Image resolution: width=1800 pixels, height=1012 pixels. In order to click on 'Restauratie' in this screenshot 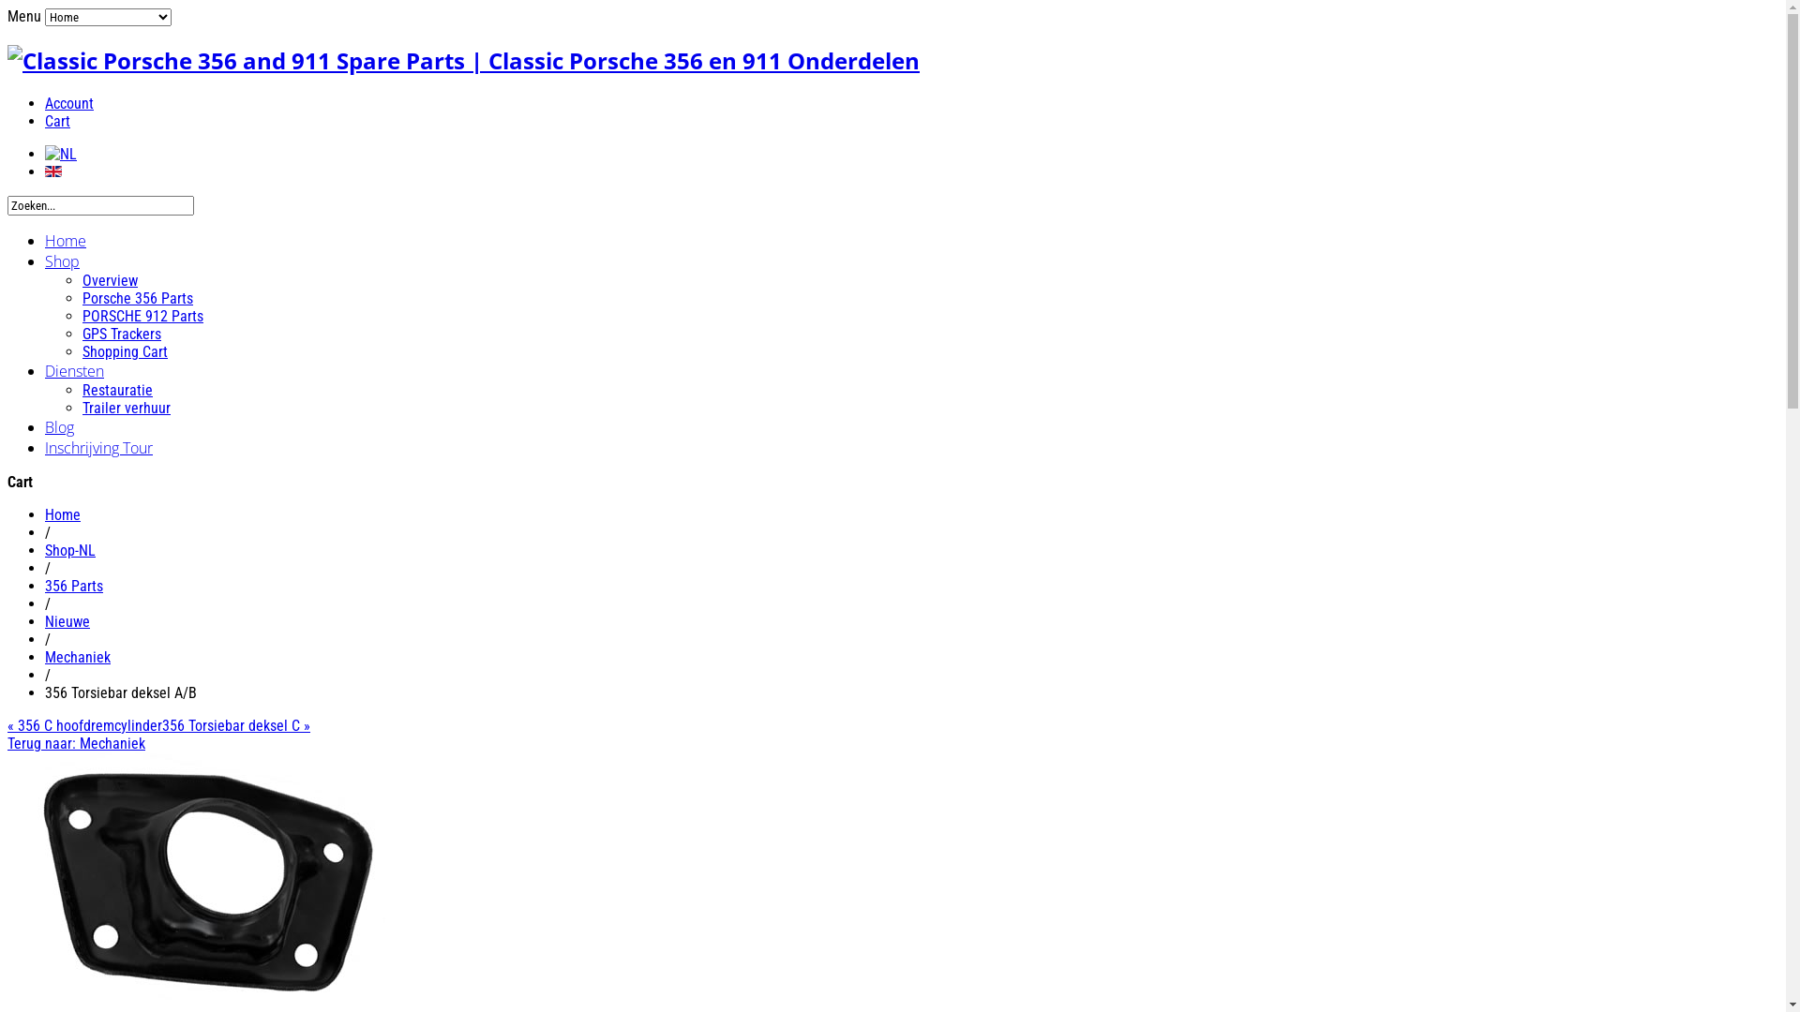, I will do `click(116, 389)`.